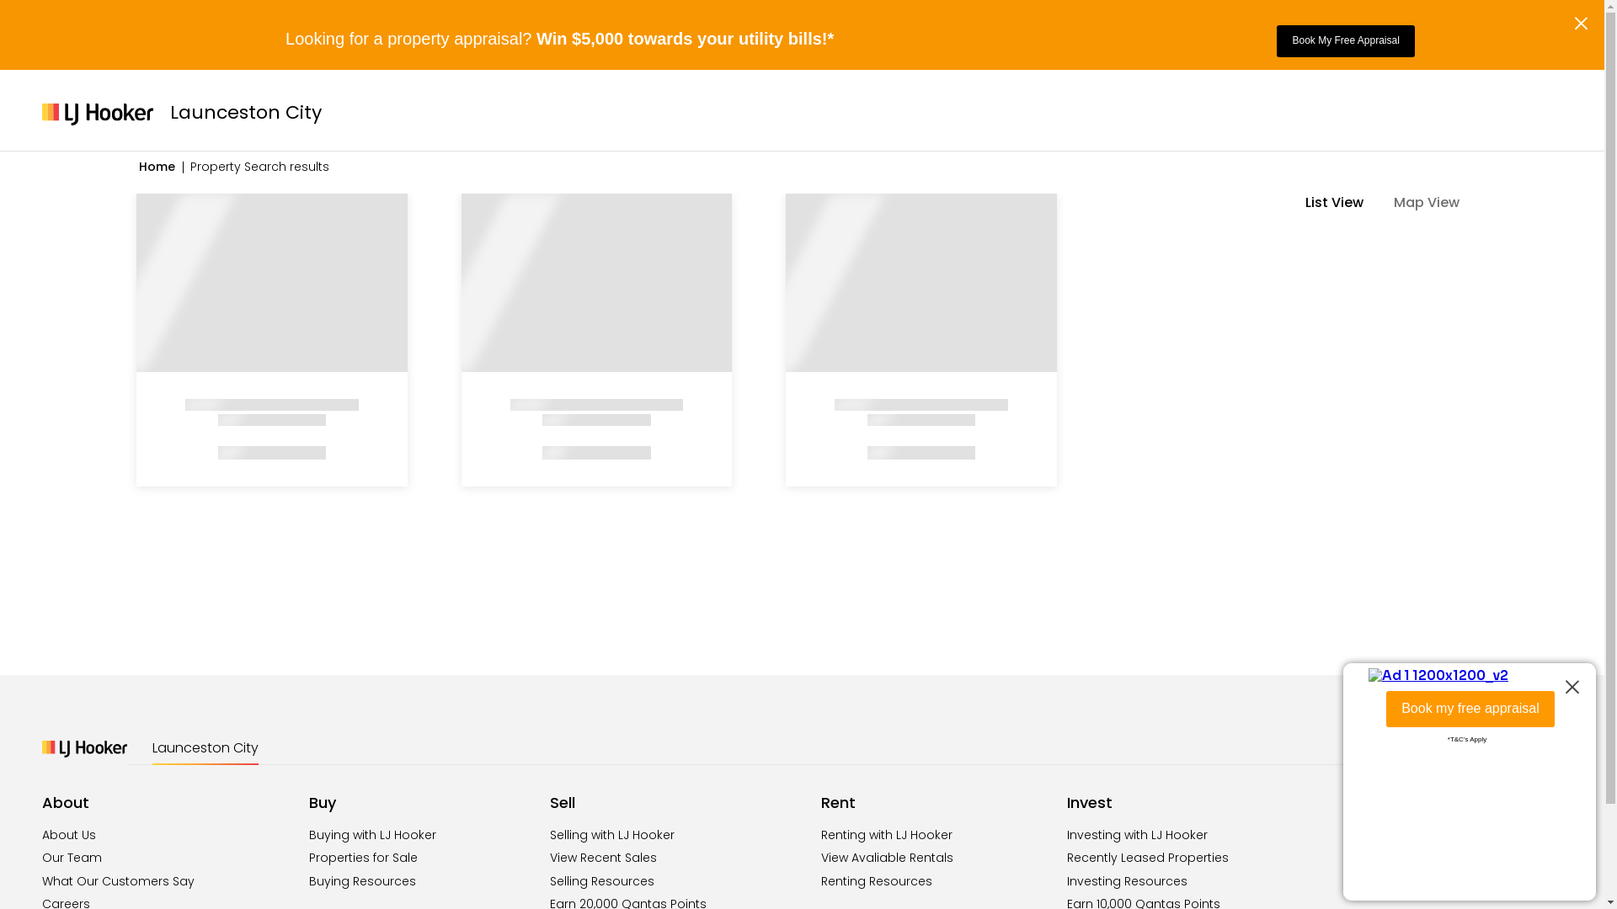 Image resolution: width=1617 pixels, height=909 pixels. What do you see at coordinates (308, 857) in the screenshot?
I see `'Properties for Sale'` at bounding box center [308, 857].